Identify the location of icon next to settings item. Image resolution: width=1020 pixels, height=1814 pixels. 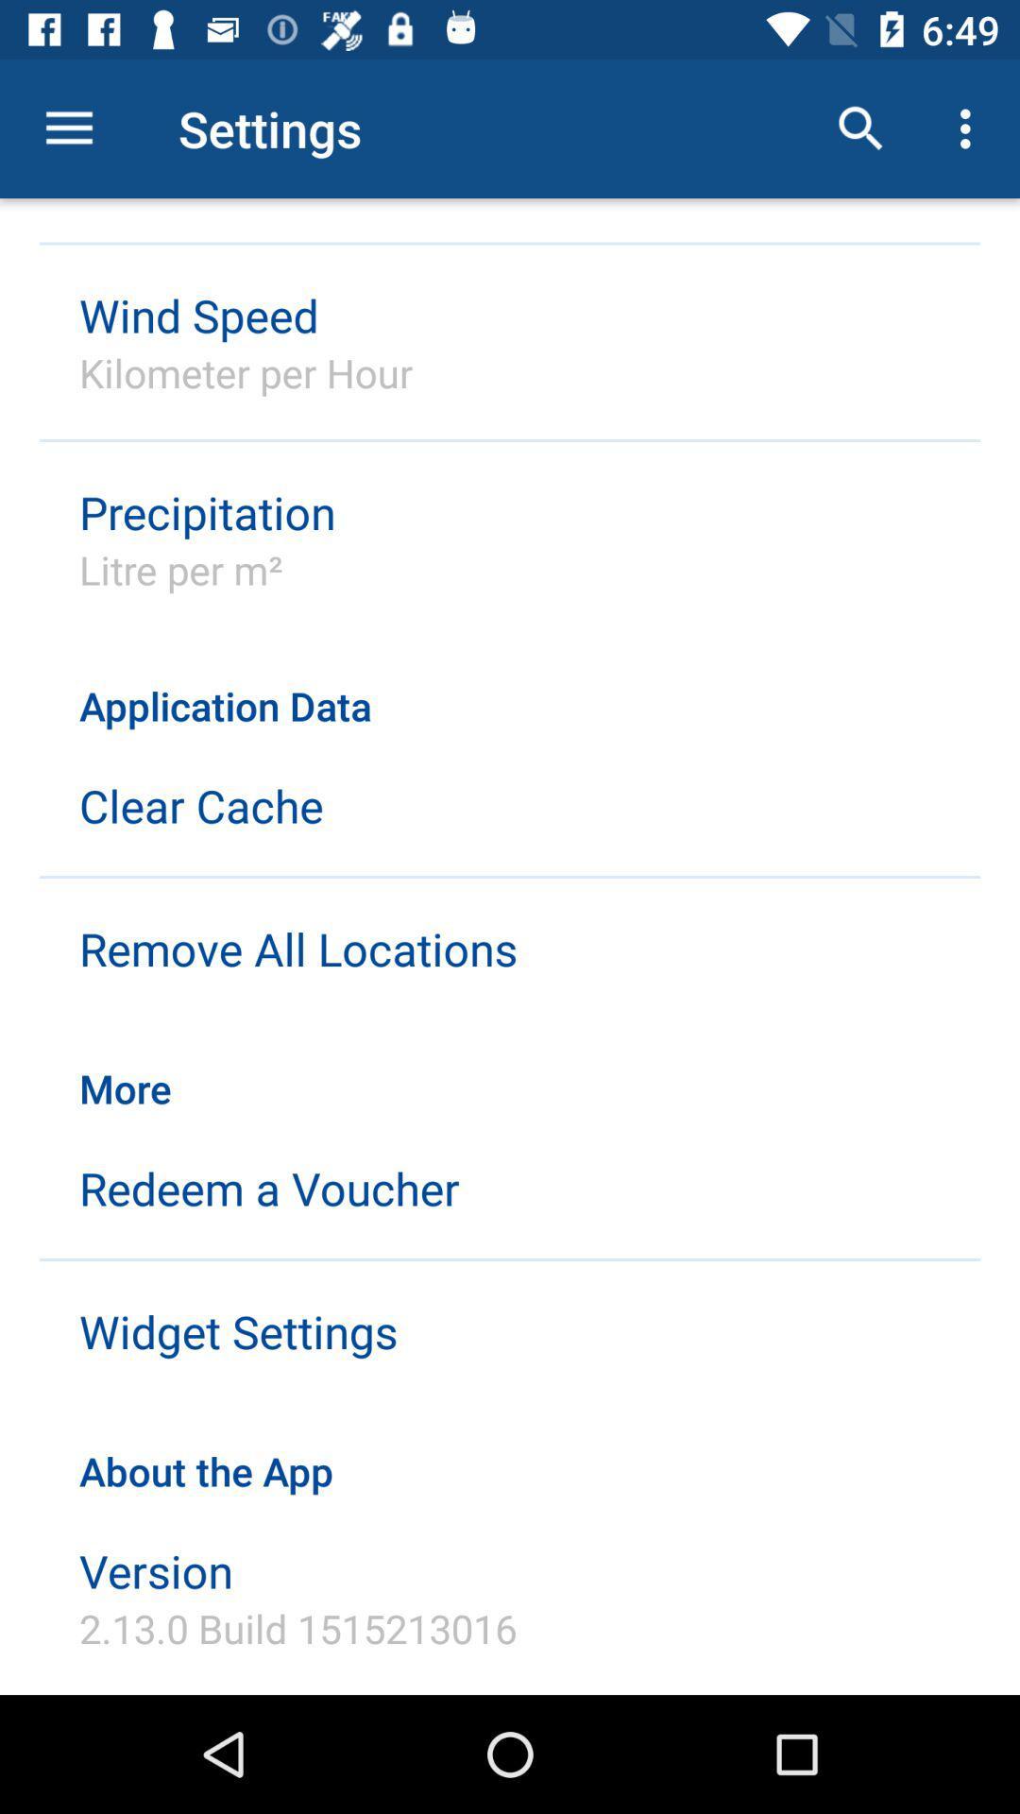
(860, 128).